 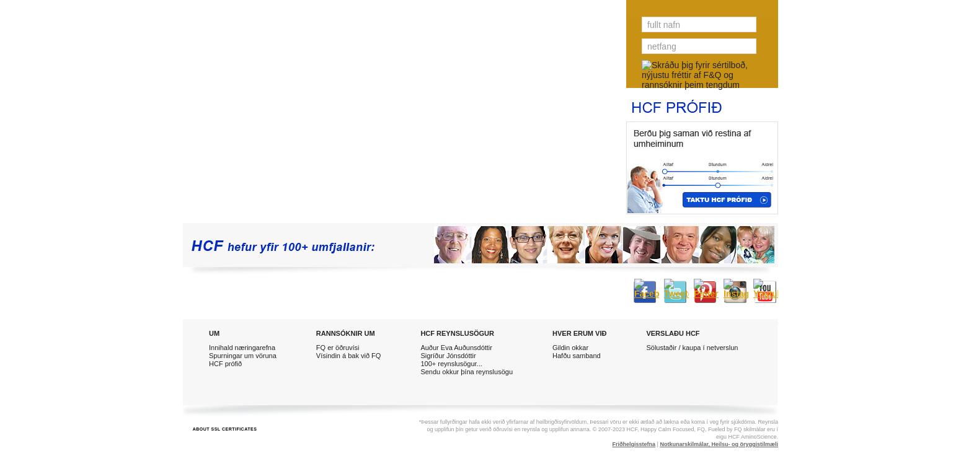 I want to click on 'Notkunarskilmálar, Heilsu- og öryggistilmæli', so click(x=718, y=444).